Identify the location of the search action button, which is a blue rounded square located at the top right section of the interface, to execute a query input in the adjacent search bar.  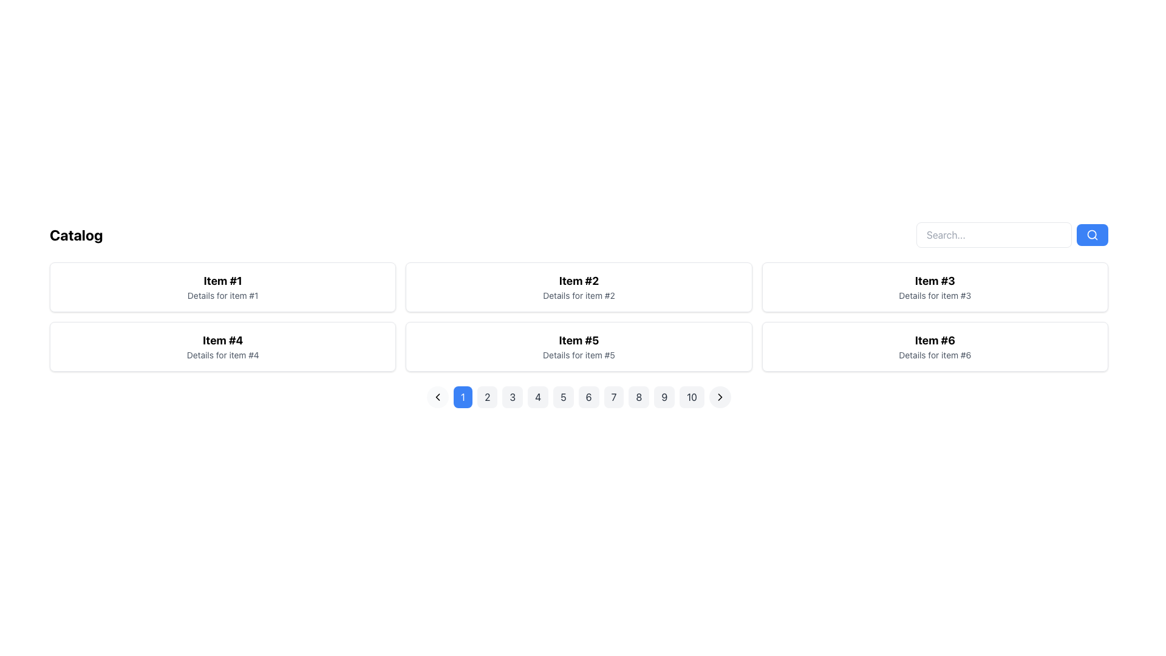
(1093, 234).